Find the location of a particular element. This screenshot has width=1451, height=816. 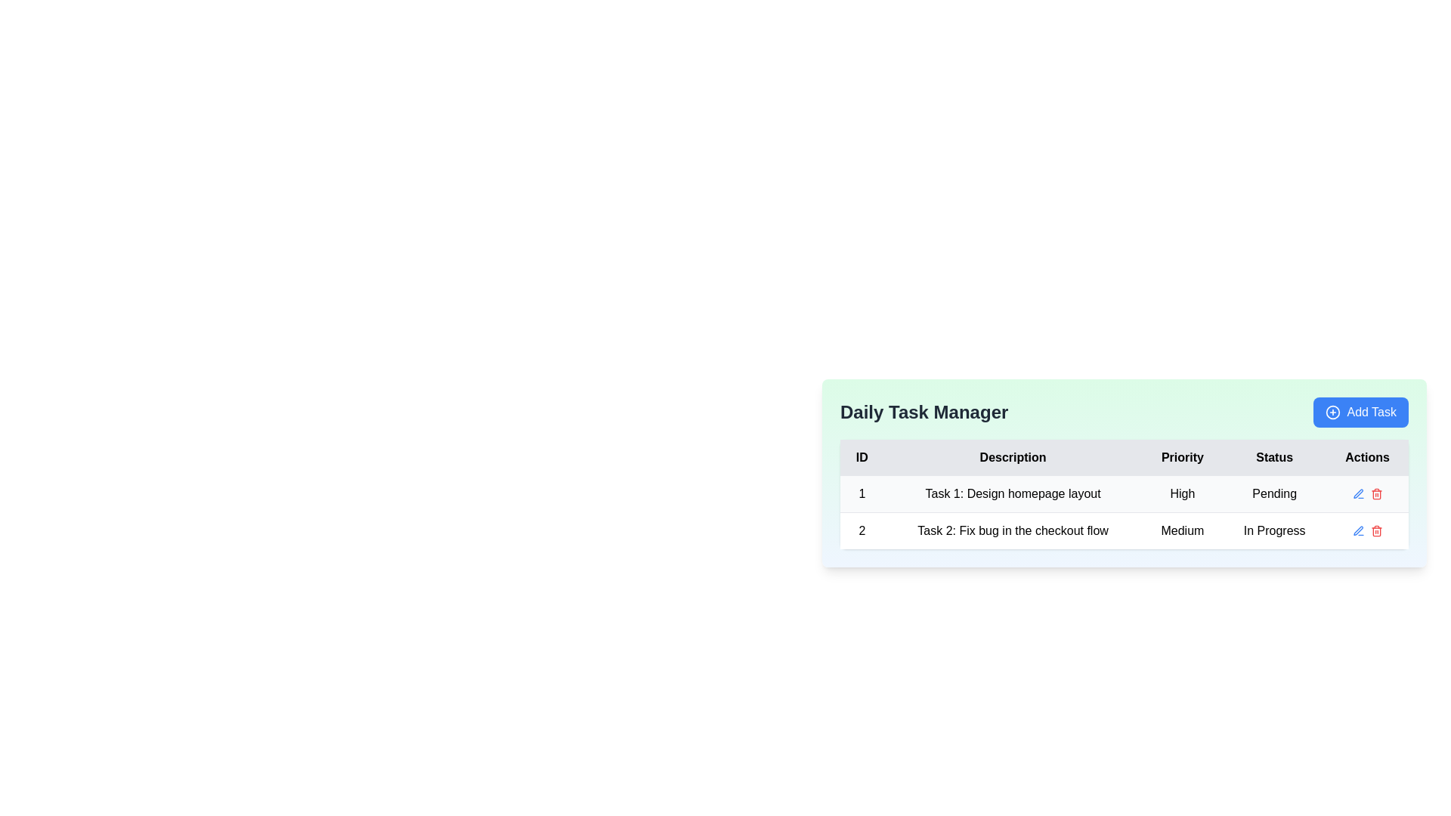

the 'High' priority text label located in the third column of the first row of the 'Daily Task Manager' table, which is under the 'Priority' header is located at coordinates (1181, 494).